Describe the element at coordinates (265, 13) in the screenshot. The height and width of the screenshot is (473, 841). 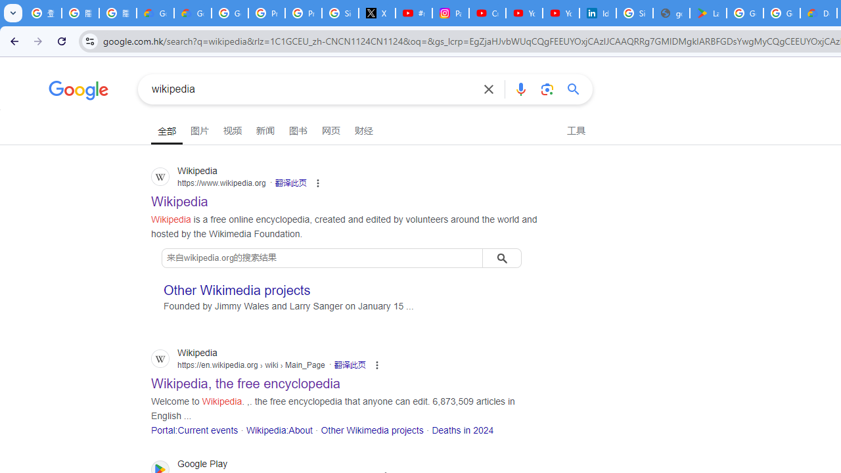
I see `'Privacy Help Center - Policies Help'` at that location.